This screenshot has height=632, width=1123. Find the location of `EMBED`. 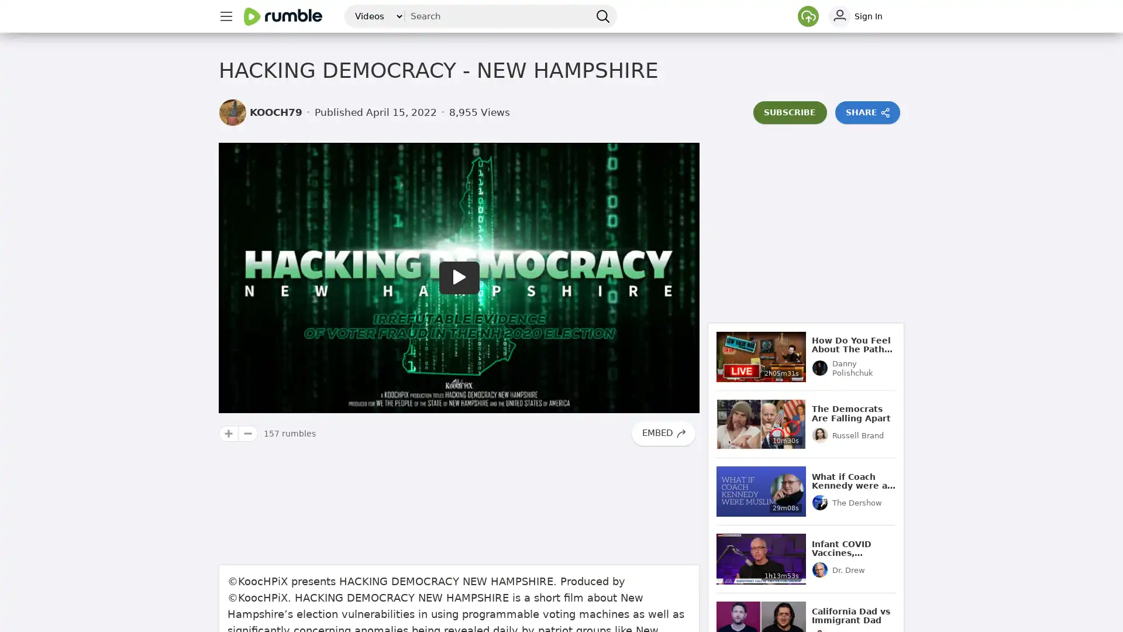

EMBED is located at coordinates (663, 433).